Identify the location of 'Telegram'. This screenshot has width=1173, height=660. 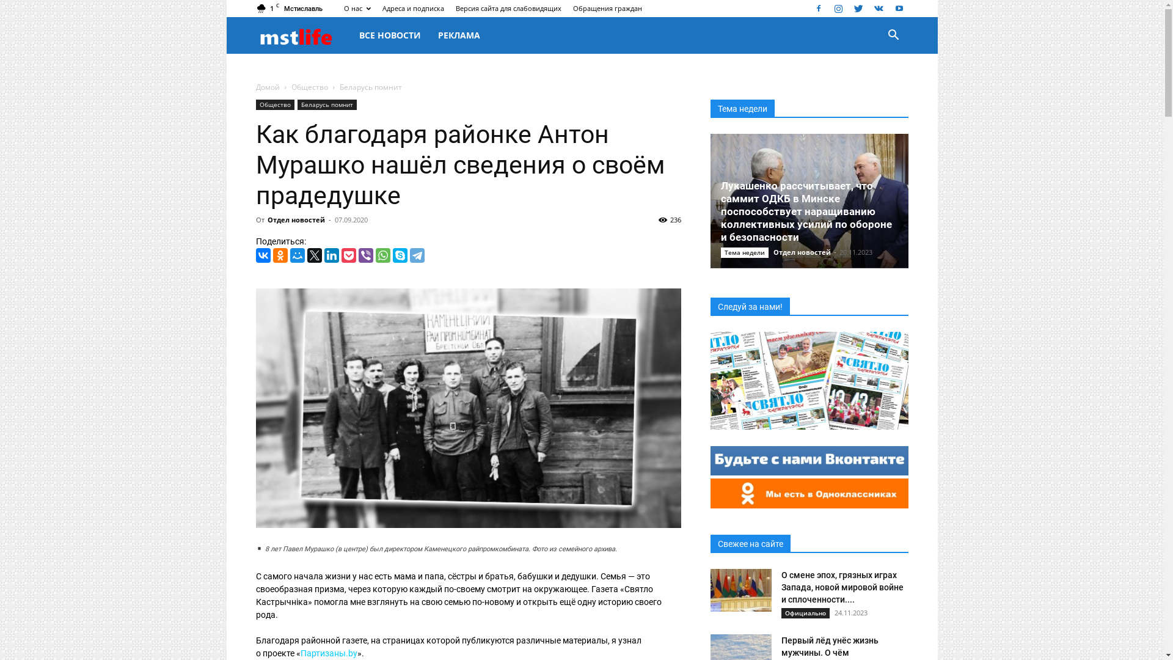
(416, 254).